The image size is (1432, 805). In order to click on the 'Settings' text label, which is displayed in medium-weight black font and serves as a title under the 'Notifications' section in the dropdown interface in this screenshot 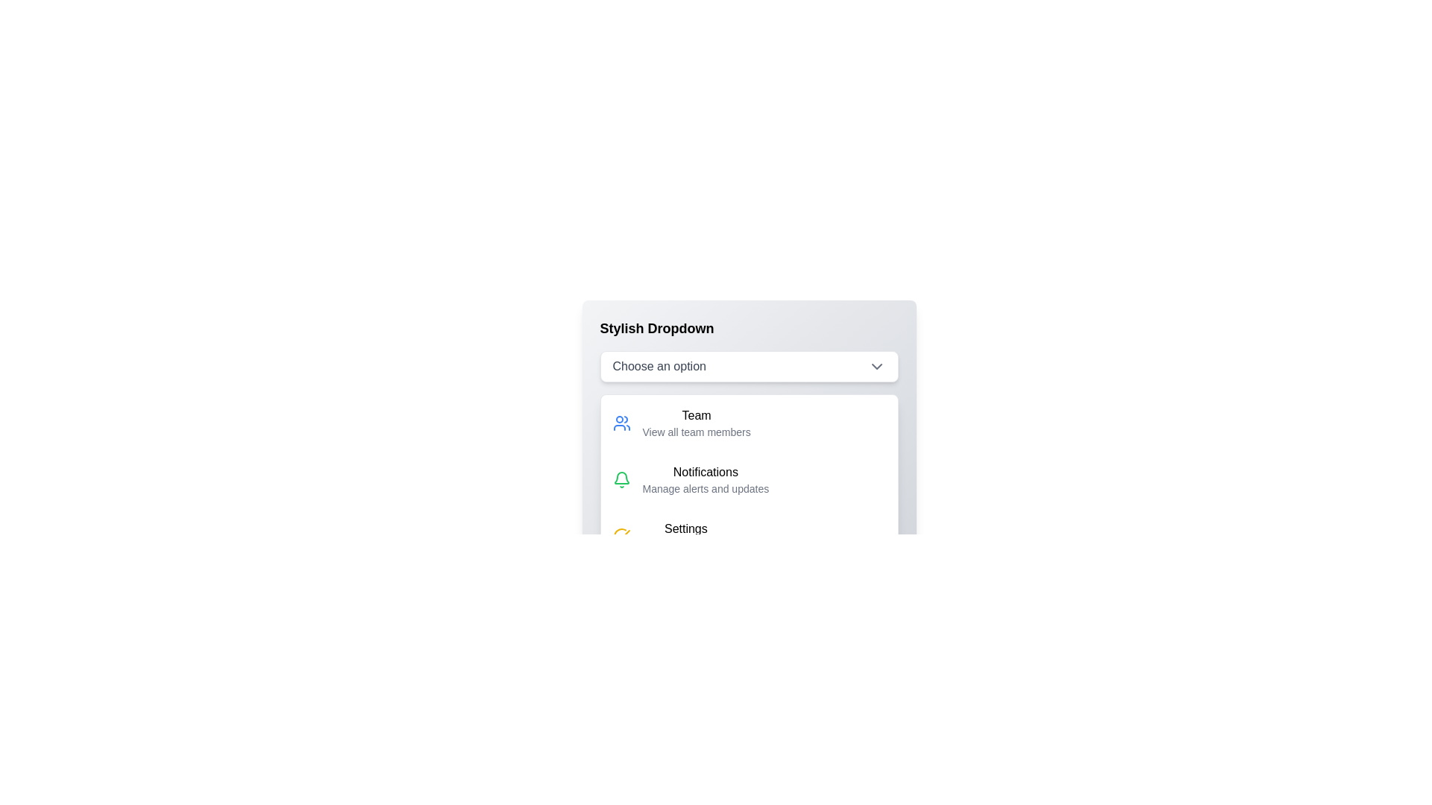, I will do `click(685, 528)`.